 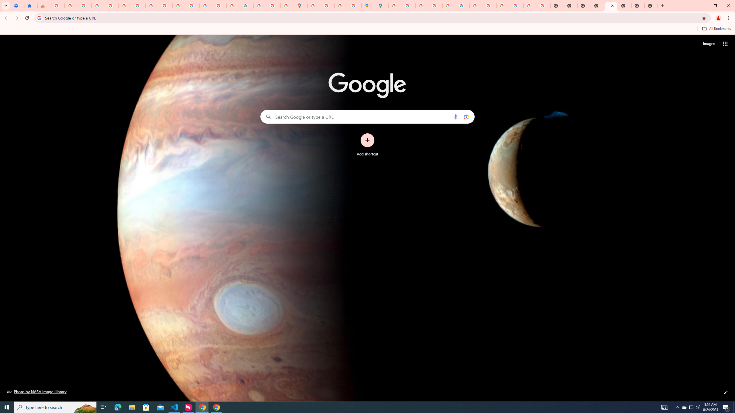 What do you see at coordinates (637, 5) in the screenshot?
I see `'New Tab'` at bounding box center [637, 5].